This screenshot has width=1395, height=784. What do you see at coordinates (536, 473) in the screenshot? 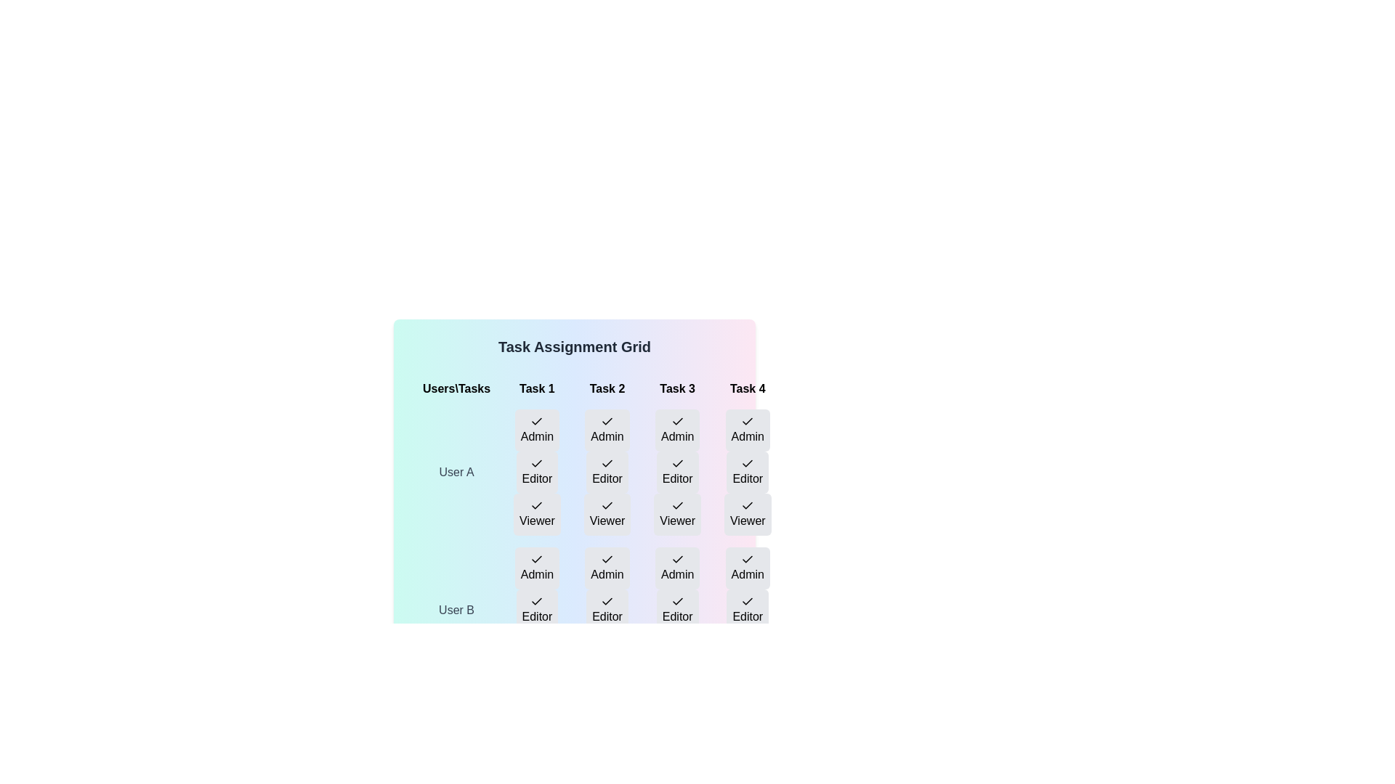
I see `the text element of the user or task to select it` at bounding box center [536, 473].